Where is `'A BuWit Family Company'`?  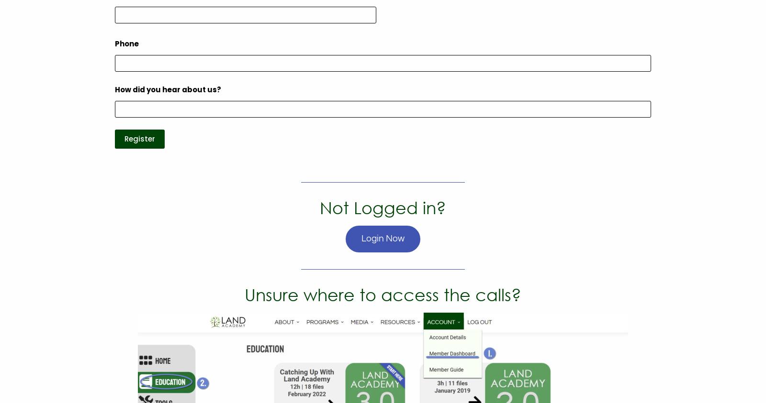 'A BuWit Family Company' is located at coordinates (465, 138).